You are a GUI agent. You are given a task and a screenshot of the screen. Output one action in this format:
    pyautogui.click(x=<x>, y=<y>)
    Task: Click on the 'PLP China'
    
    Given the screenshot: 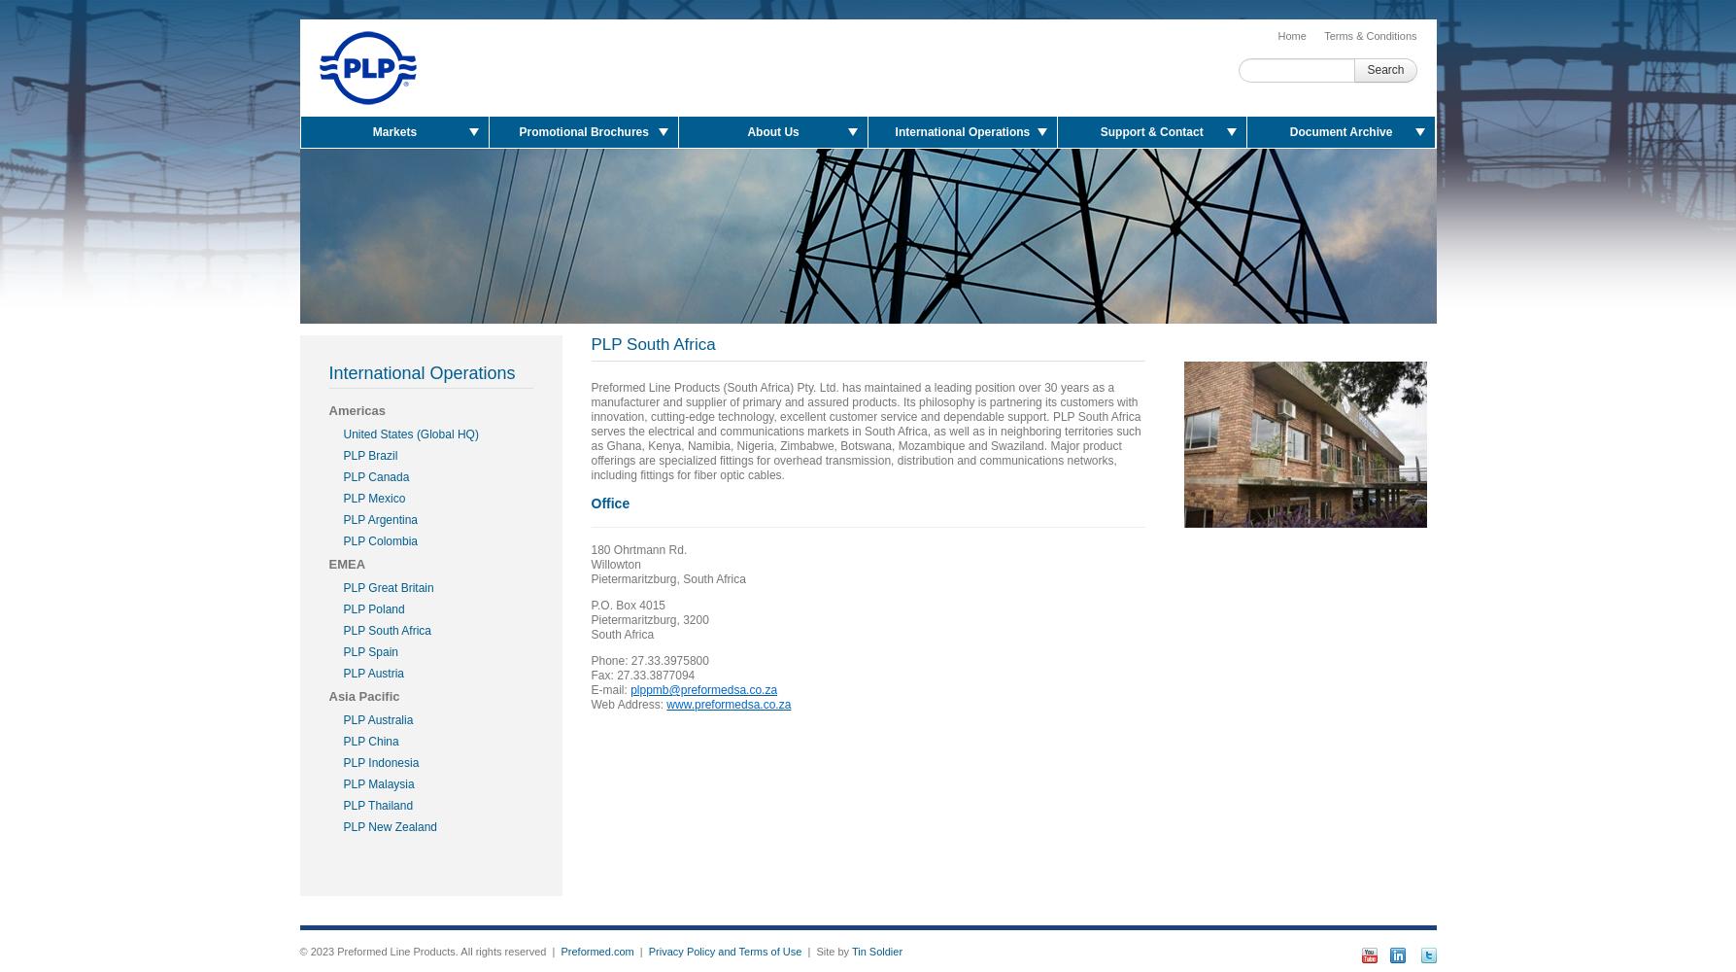 What is the action you would take?
    pyautogui.click(x=370, y=742)
    